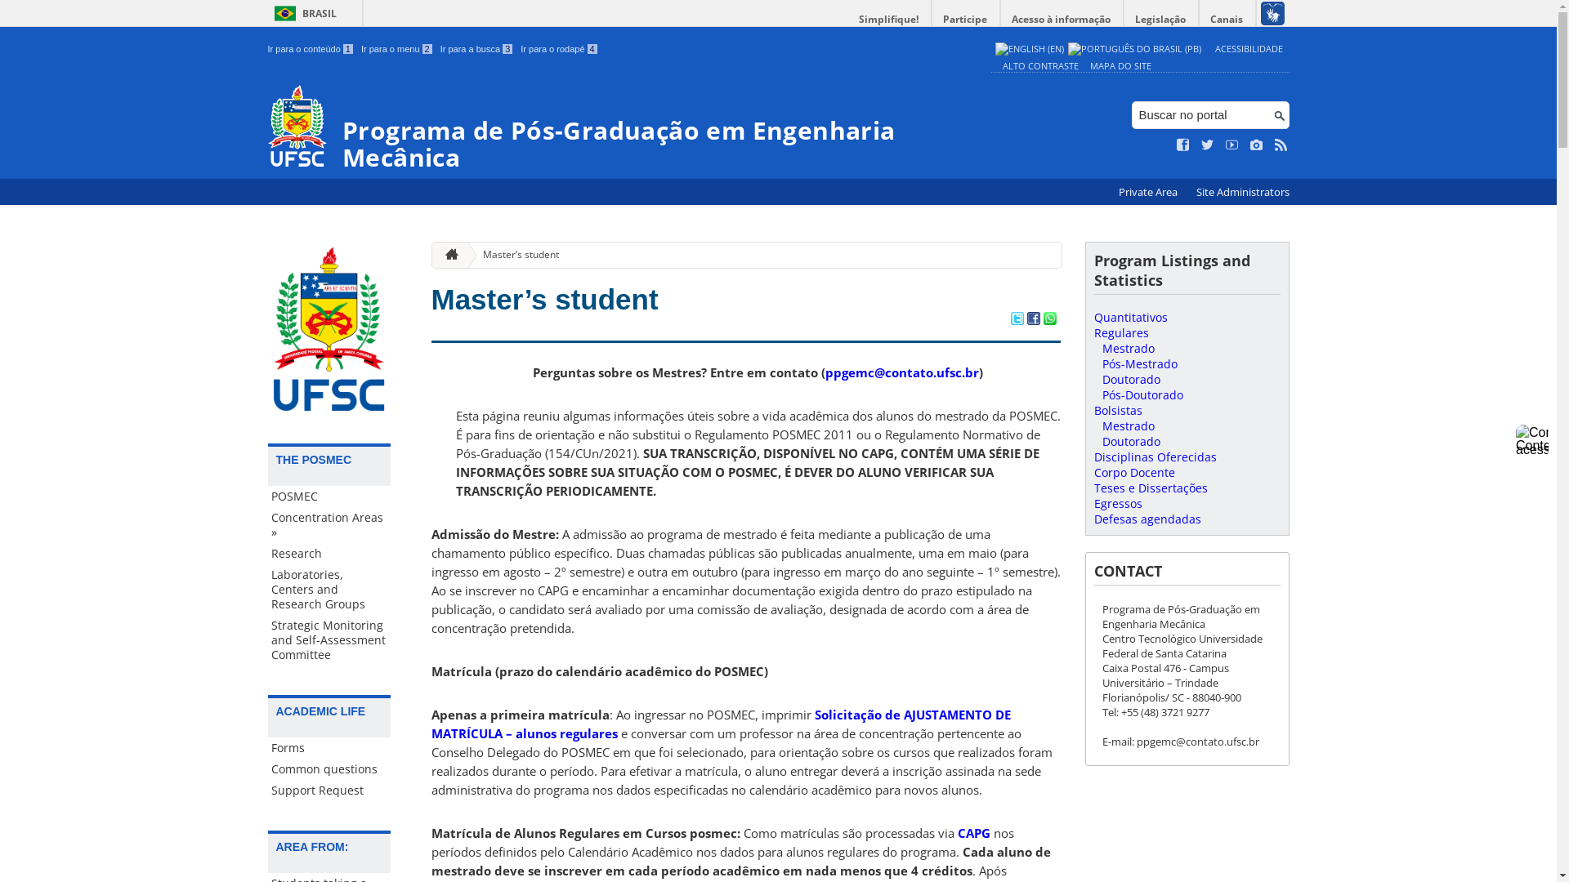  What do you see at coordinates (396, 48) in the screenshot?
I see `'Ir para o menu 2'` at bounding box center [396, 48].